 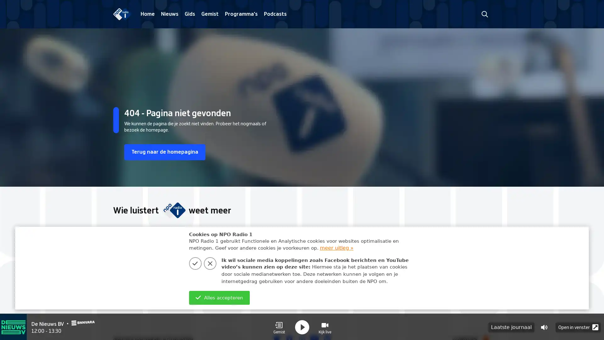 What do you see at coordinates (481, 270) in the screenshot?
I see `AnchorChevron` at bounding box center [481, 270].